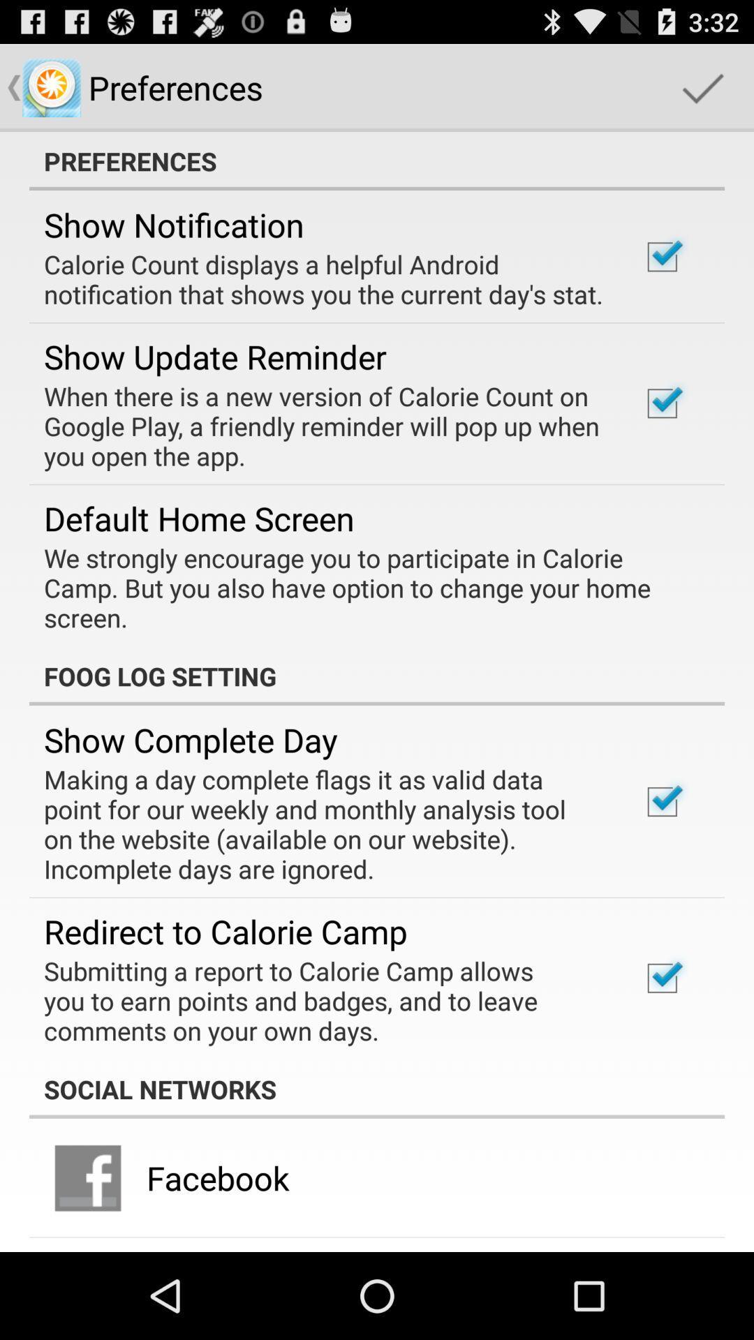 This screenshot has width=754, height=1340. I want to click on icon above the foog log setting item, so click(367, 588).